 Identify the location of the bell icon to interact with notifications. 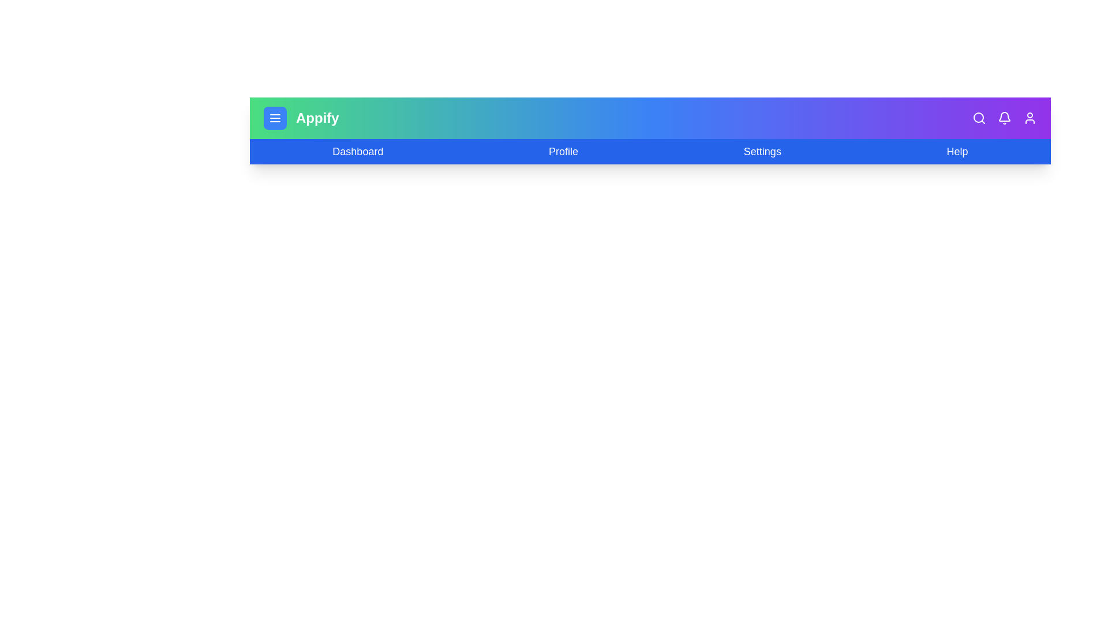
(1004, 118).